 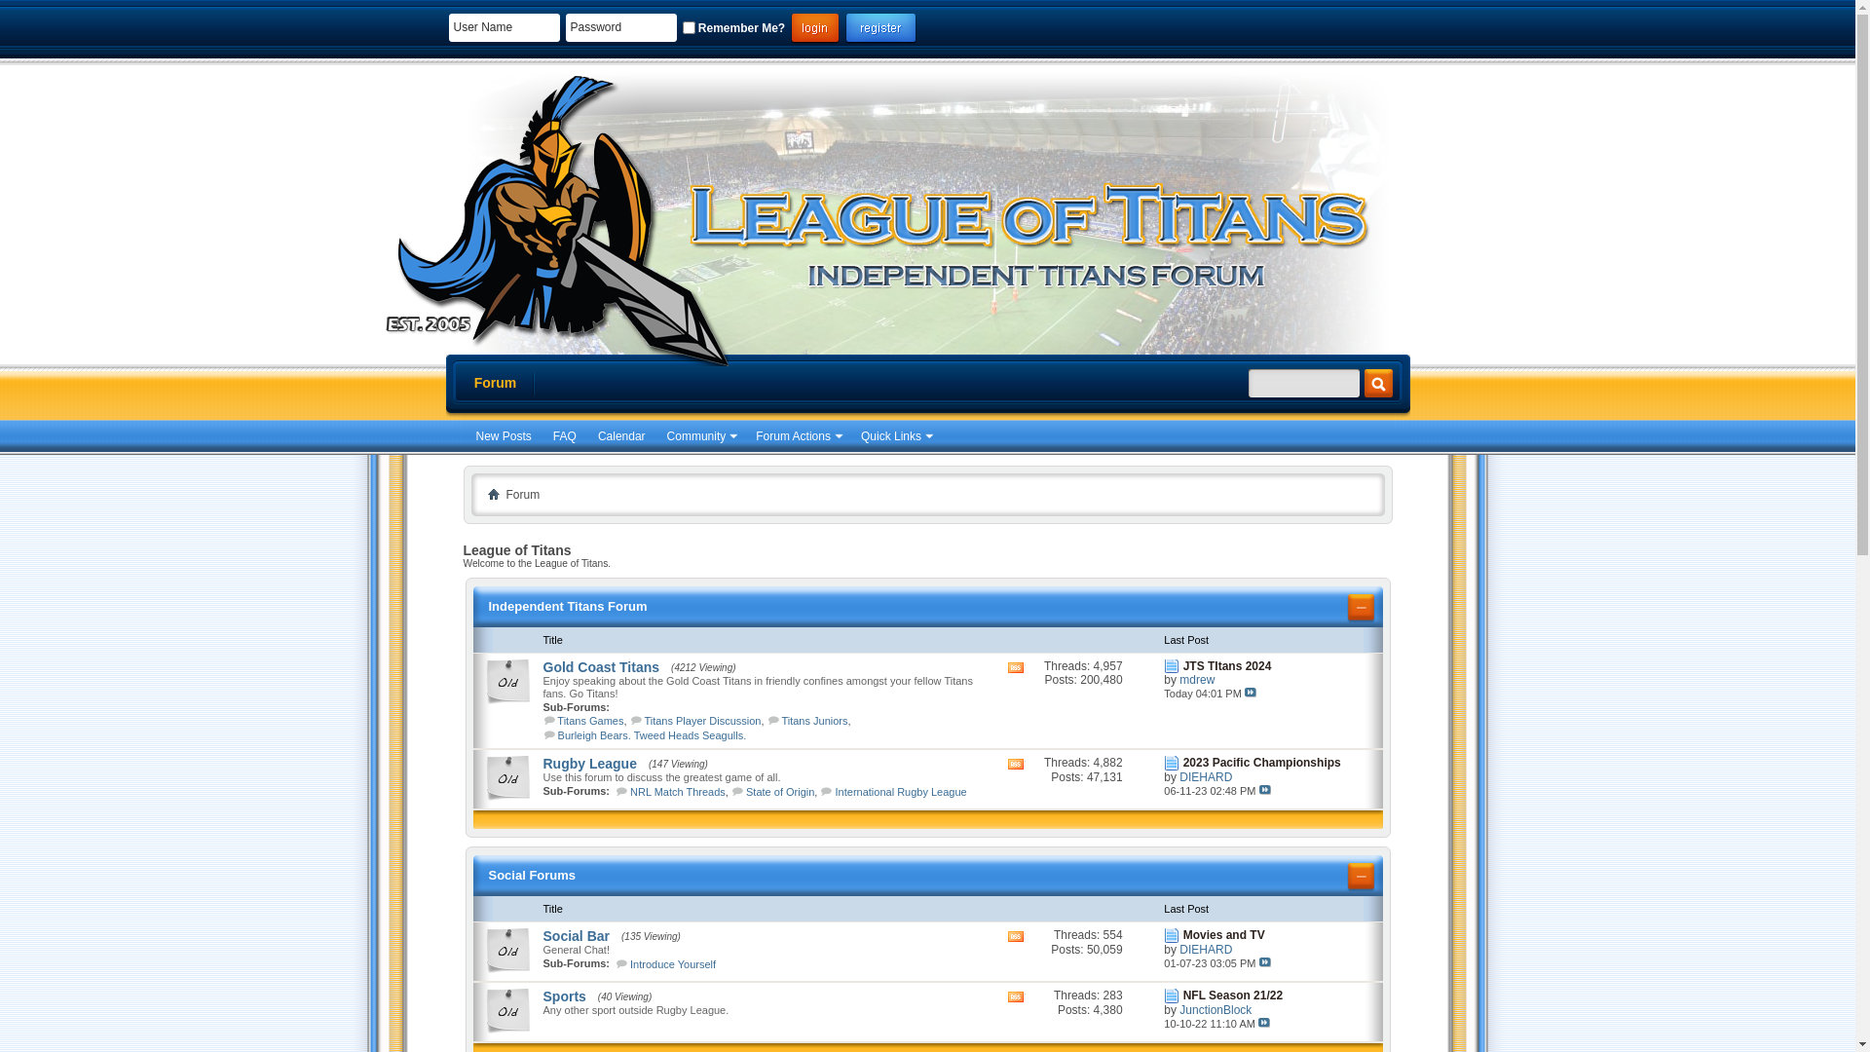 What do you see at coordinates (678, 792) in the screenshot?
I see `'NRL Match Threads'` at bounding box center [678, 792].